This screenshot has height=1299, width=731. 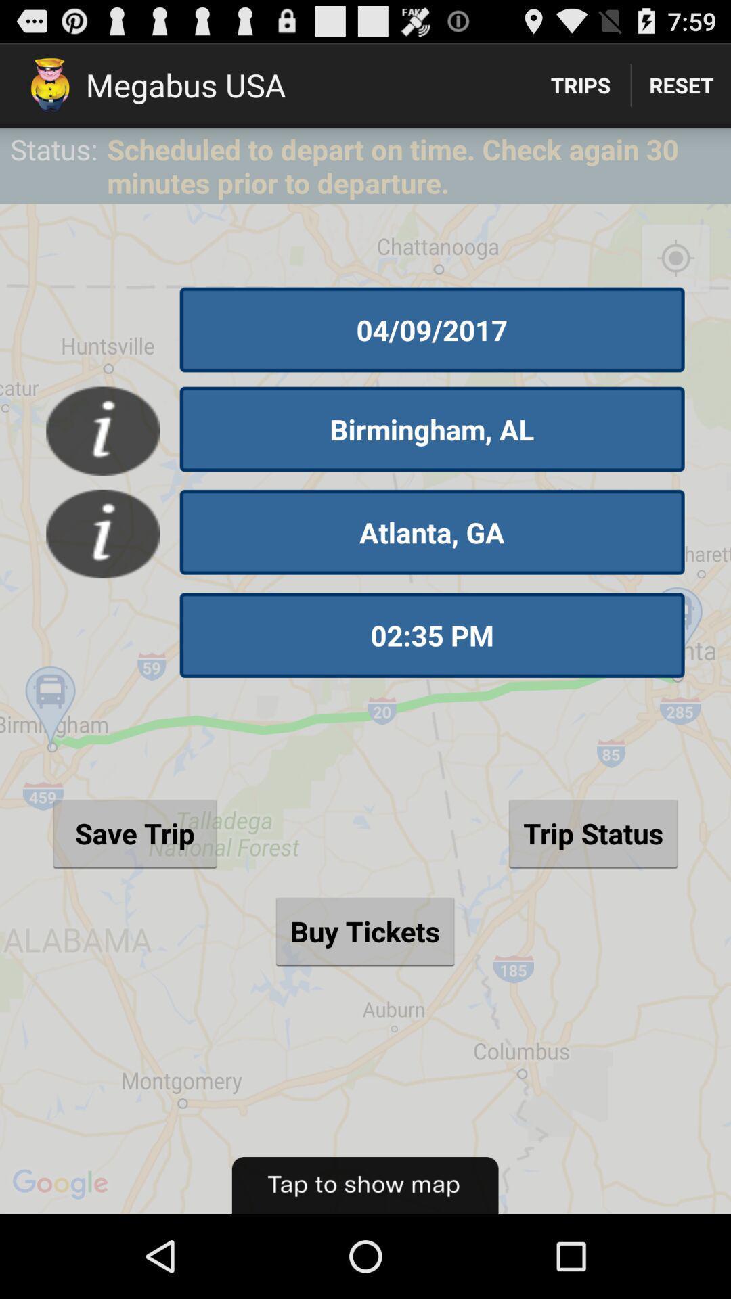 What do you see at coordinates (432, 329) in the screenshot?
I see `the 04/09/2017` at bounding box center [432, 329].